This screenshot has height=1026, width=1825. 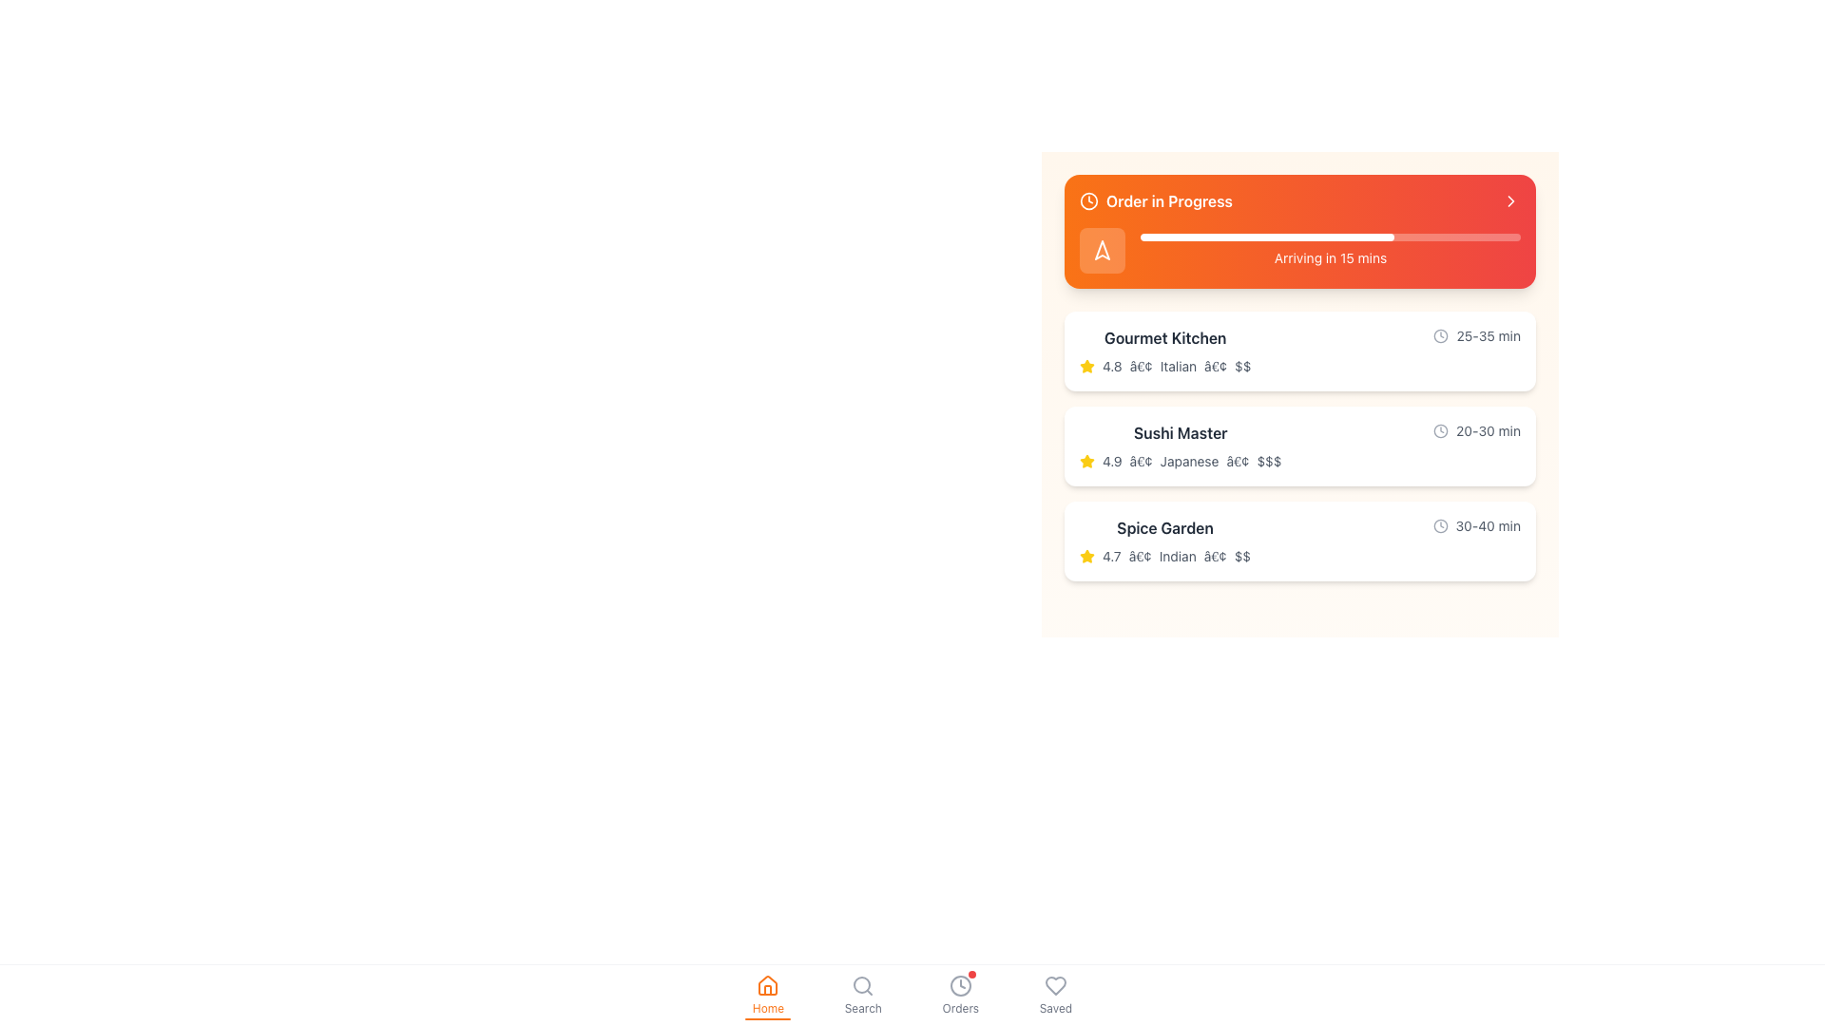 What do you see at coordinates (960, 1007) in the screenshot?
I see `the 'Orders' text label located in the bottom navigation bar, which provides a textual indication for the corresponding clock icon` at bounding box center [960, 1007].